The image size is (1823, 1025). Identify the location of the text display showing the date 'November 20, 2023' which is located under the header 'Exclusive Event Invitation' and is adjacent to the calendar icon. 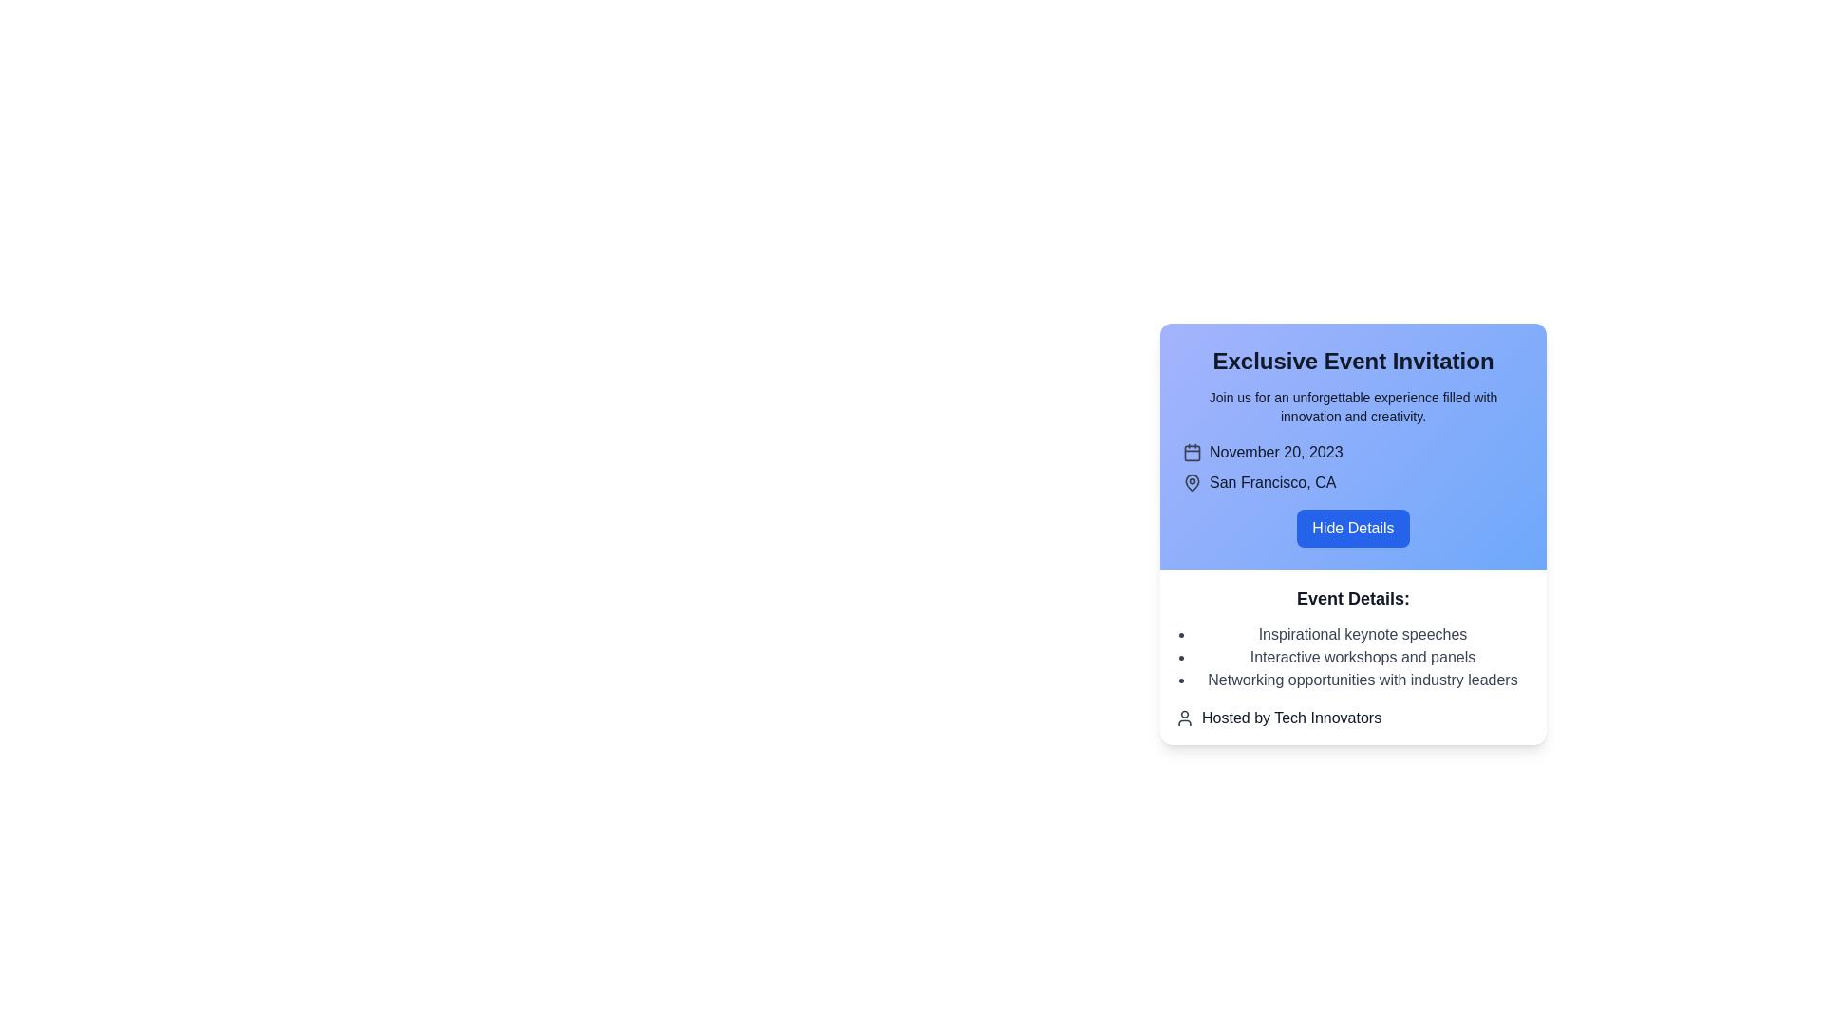
(1276, 453).